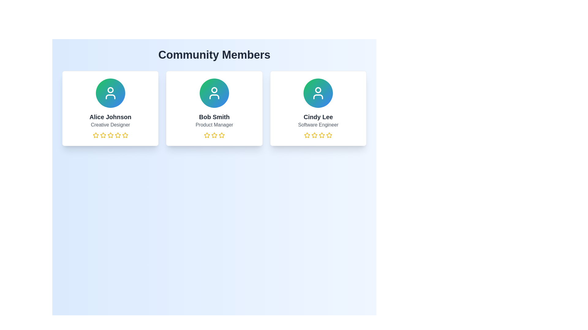 Image resolution: width=588 pixels, height=330 pixels. I want to click on the third star-shaped rating icon filled with bright yellow color under the text 'Cindy Lee - Software Engineer' to set the corresponding rating, so click(329, 135).